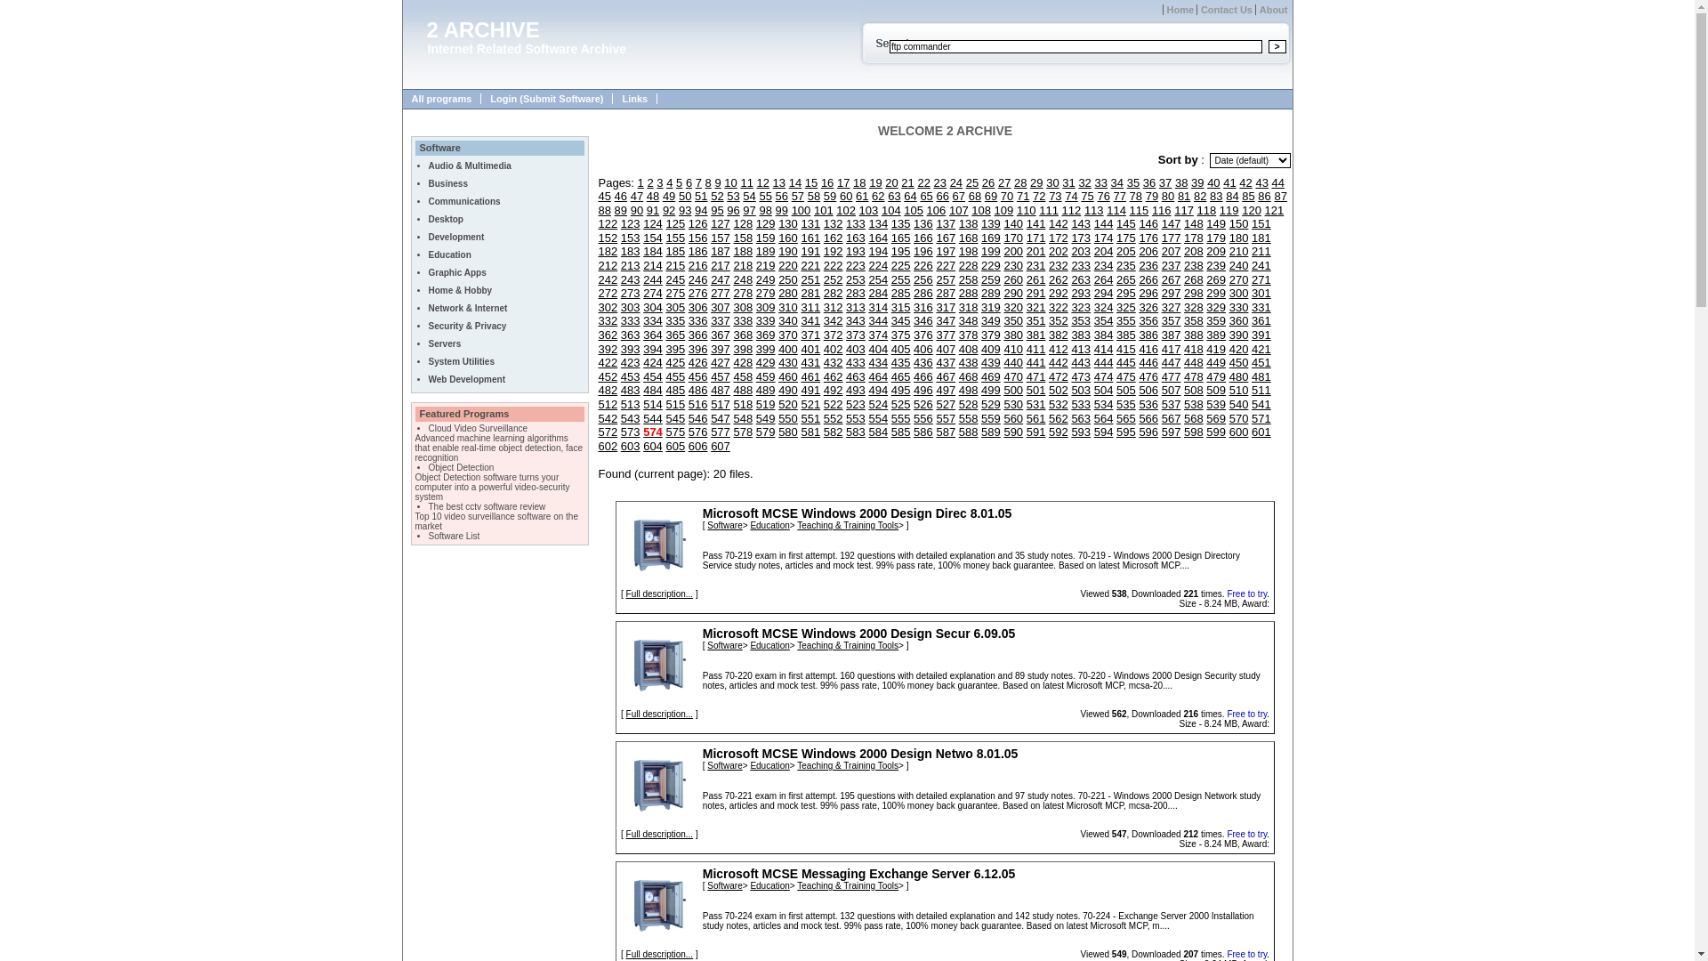  I want to click on '252', so click(832, 279).